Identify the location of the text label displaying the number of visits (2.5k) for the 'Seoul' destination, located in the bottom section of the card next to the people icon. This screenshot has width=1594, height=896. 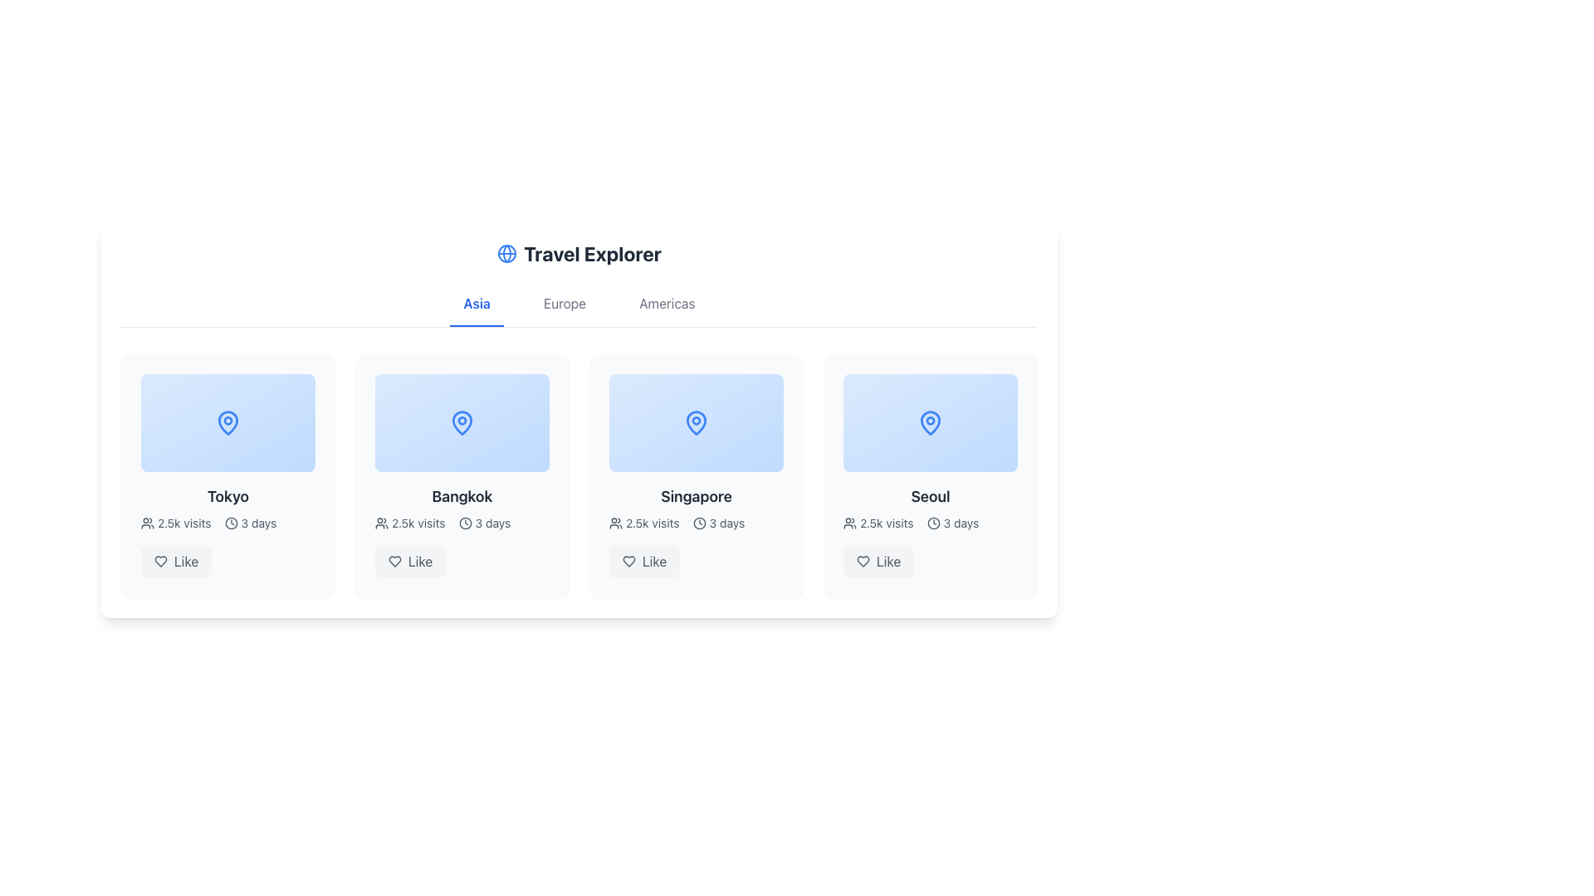
(886, 523).